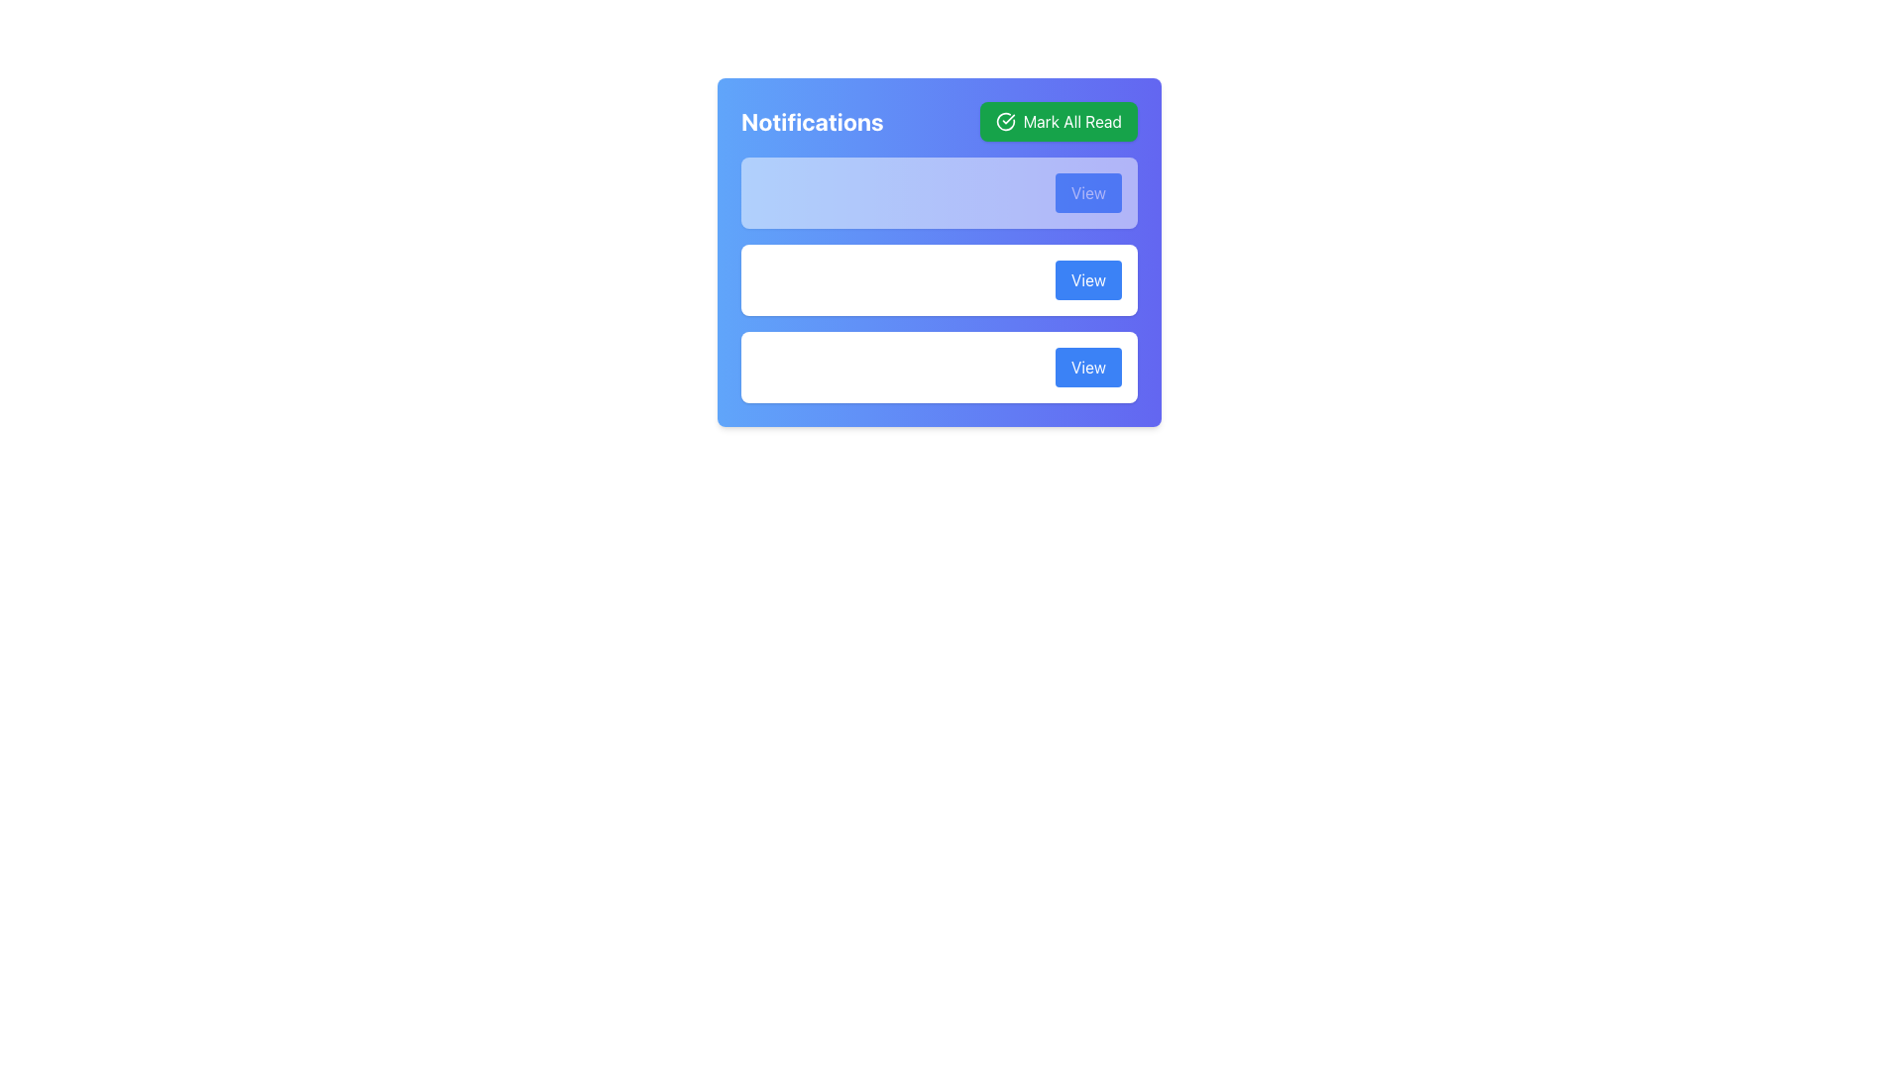 Image resolution: width=1903 pixels, height=1070 pixels. What do you see at coordinates (1005, 122) in the screenshot?
I see `the 'Mark All Read' button to interact with the icon that marks notifications as read, which is visually represented by an intuitive design located at its left` at bounding box center [1005, 122].